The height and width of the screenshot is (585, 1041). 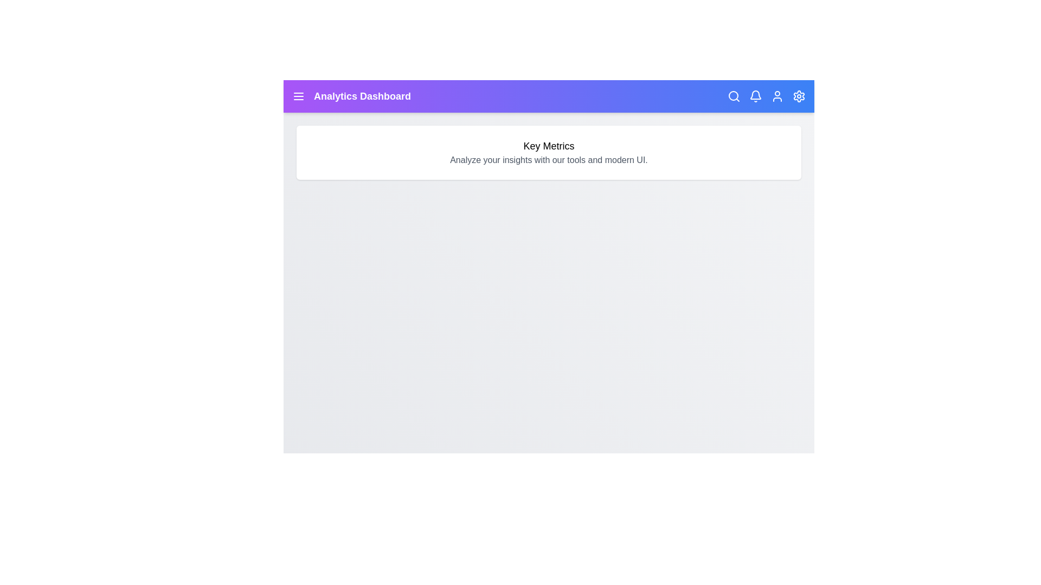 I want to click on the user icon to access user profile settings, so click(x=777, y=95).